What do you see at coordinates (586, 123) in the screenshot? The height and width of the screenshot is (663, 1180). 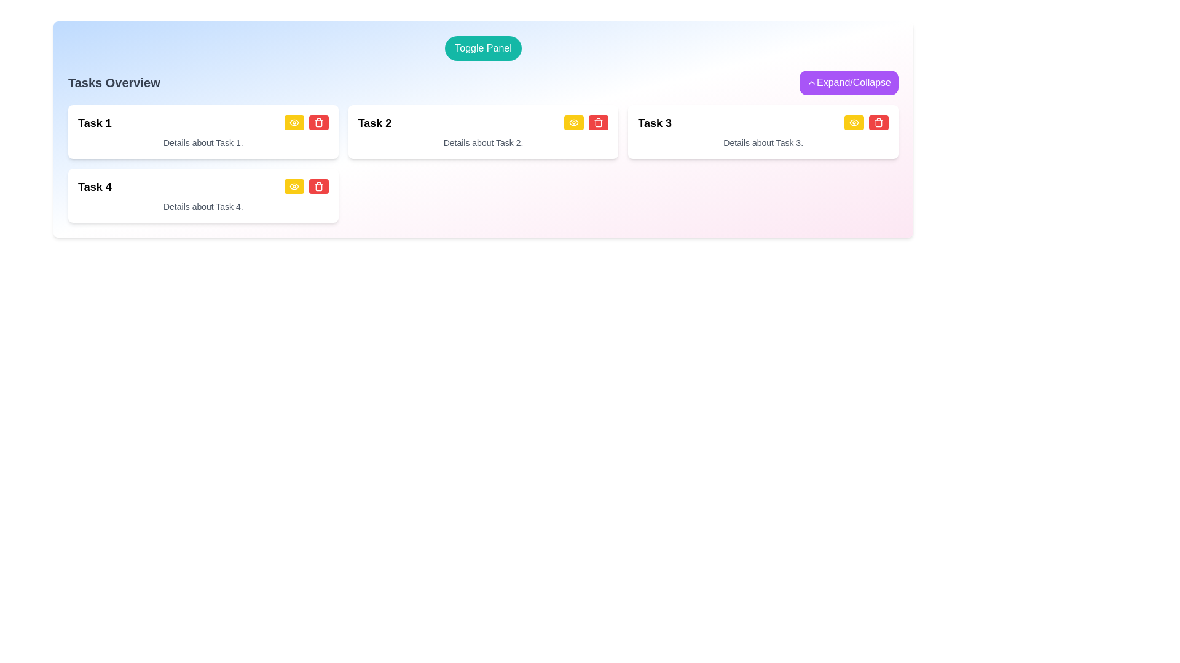 I see `the control group containing buttons for managing the task item 'Task 2', located at the top-right corner of the 'Task 2' card` at bounding box center [586, 123].